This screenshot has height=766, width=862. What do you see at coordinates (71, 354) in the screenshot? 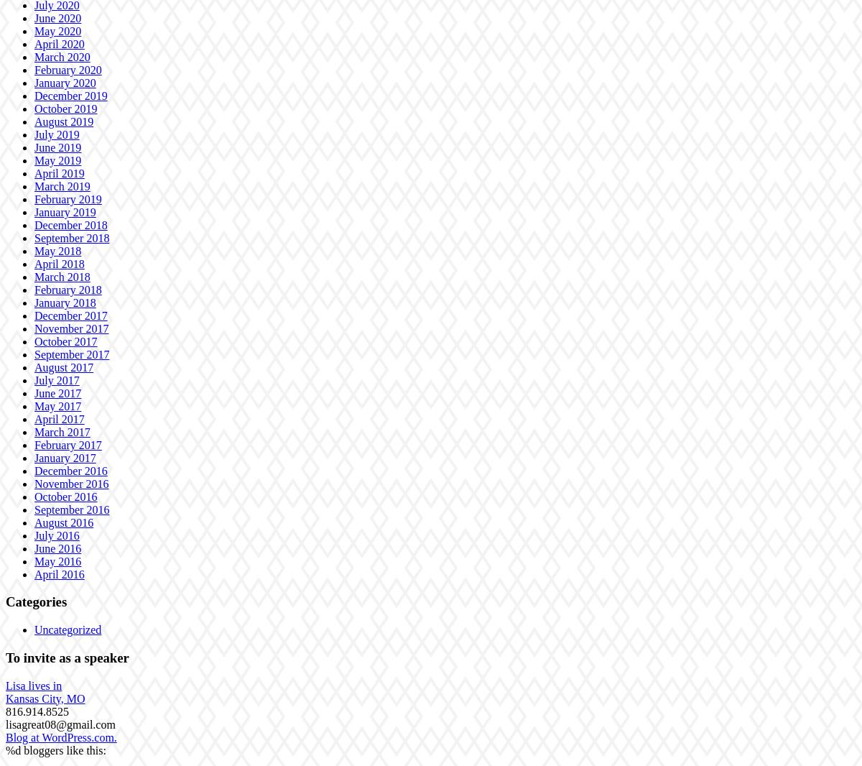
I see `'September 2017'` at bounding box center [71, 354].